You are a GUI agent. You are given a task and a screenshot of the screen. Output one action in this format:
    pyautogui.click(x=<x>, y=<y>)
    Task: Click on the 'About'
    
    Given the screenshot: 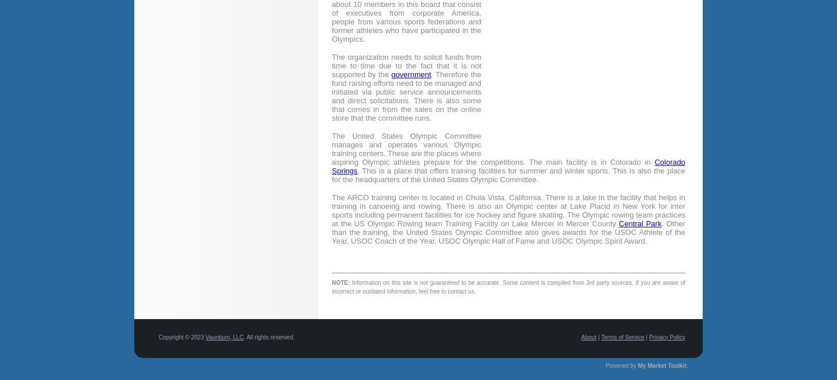 What is the action you would take?
    pyautogui.click(x=588, y=336)
    